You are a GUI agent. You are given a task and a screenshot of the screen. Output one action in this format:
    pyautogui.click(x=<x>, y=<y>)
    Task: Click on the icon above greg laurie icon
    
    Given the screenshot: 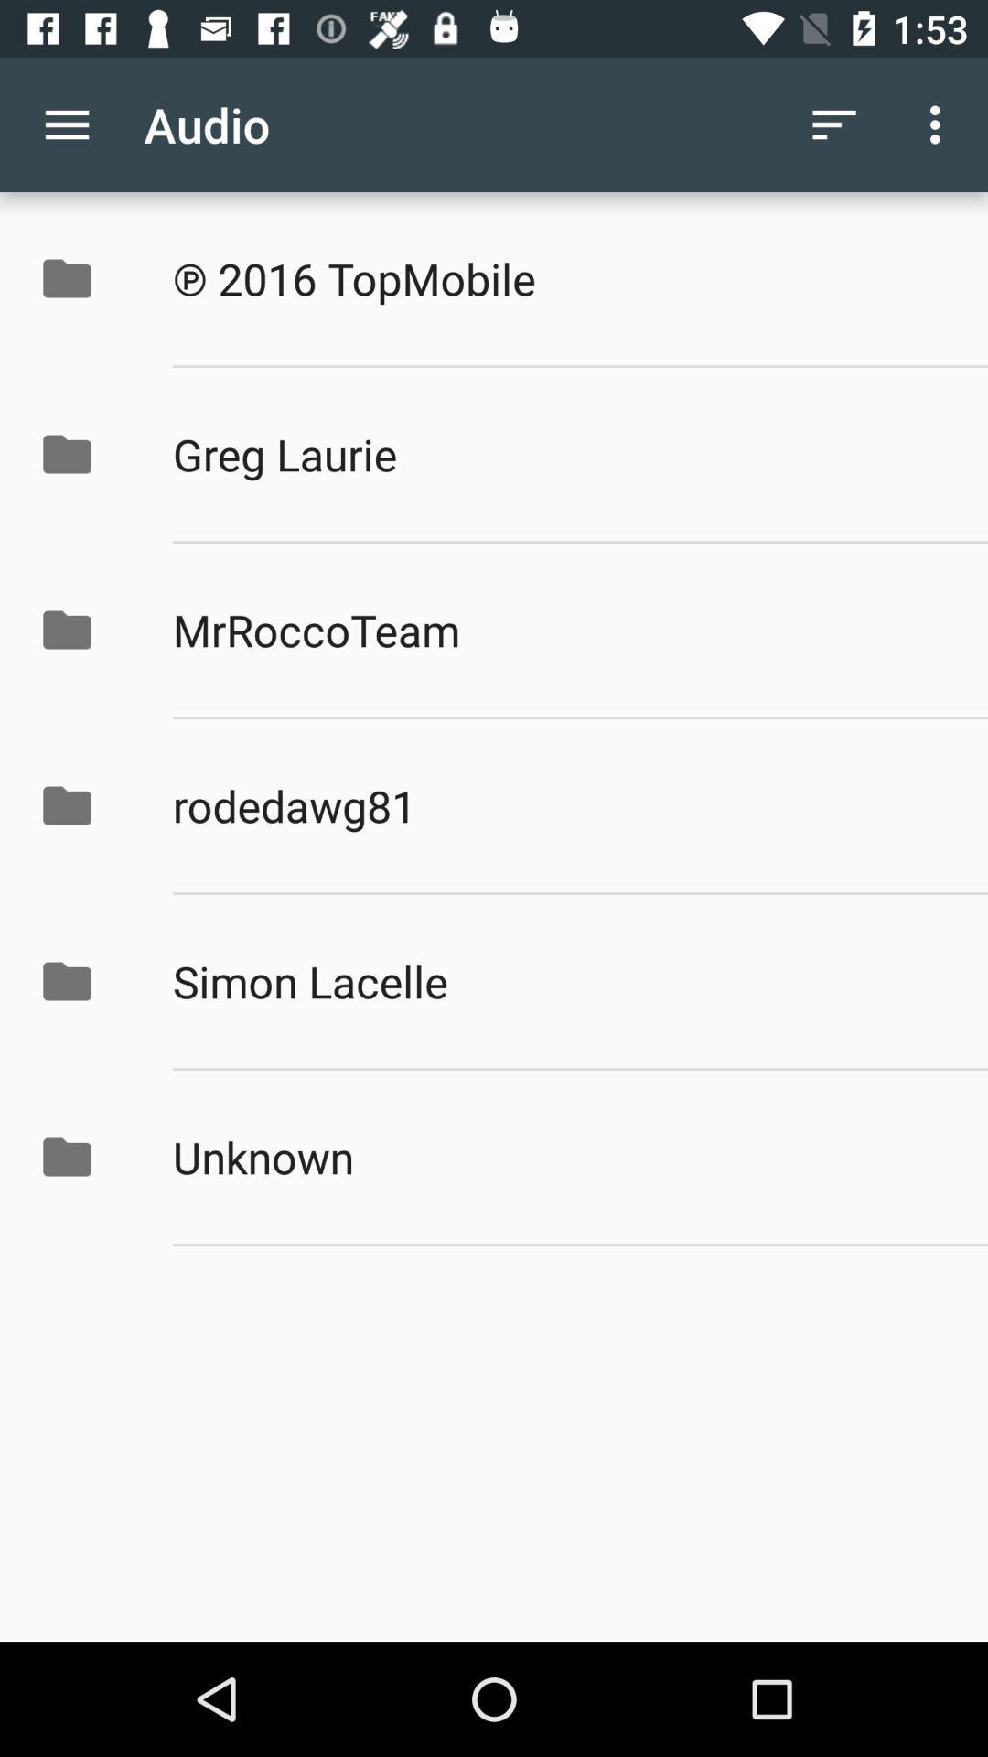 What is the action you would take?
    pyautogui.click(x=560, y=277)
    